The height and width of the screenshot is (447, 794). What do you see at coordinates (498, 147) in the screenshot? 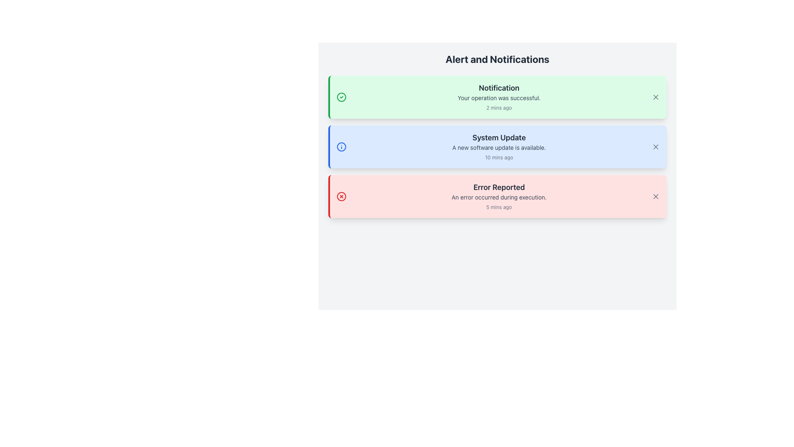
I see `the text label that reads 'A new software update is available.' which is styled in gray and positioned within a blue background box, located underneath the title 'System Update'` at bounding box center [498, 147].